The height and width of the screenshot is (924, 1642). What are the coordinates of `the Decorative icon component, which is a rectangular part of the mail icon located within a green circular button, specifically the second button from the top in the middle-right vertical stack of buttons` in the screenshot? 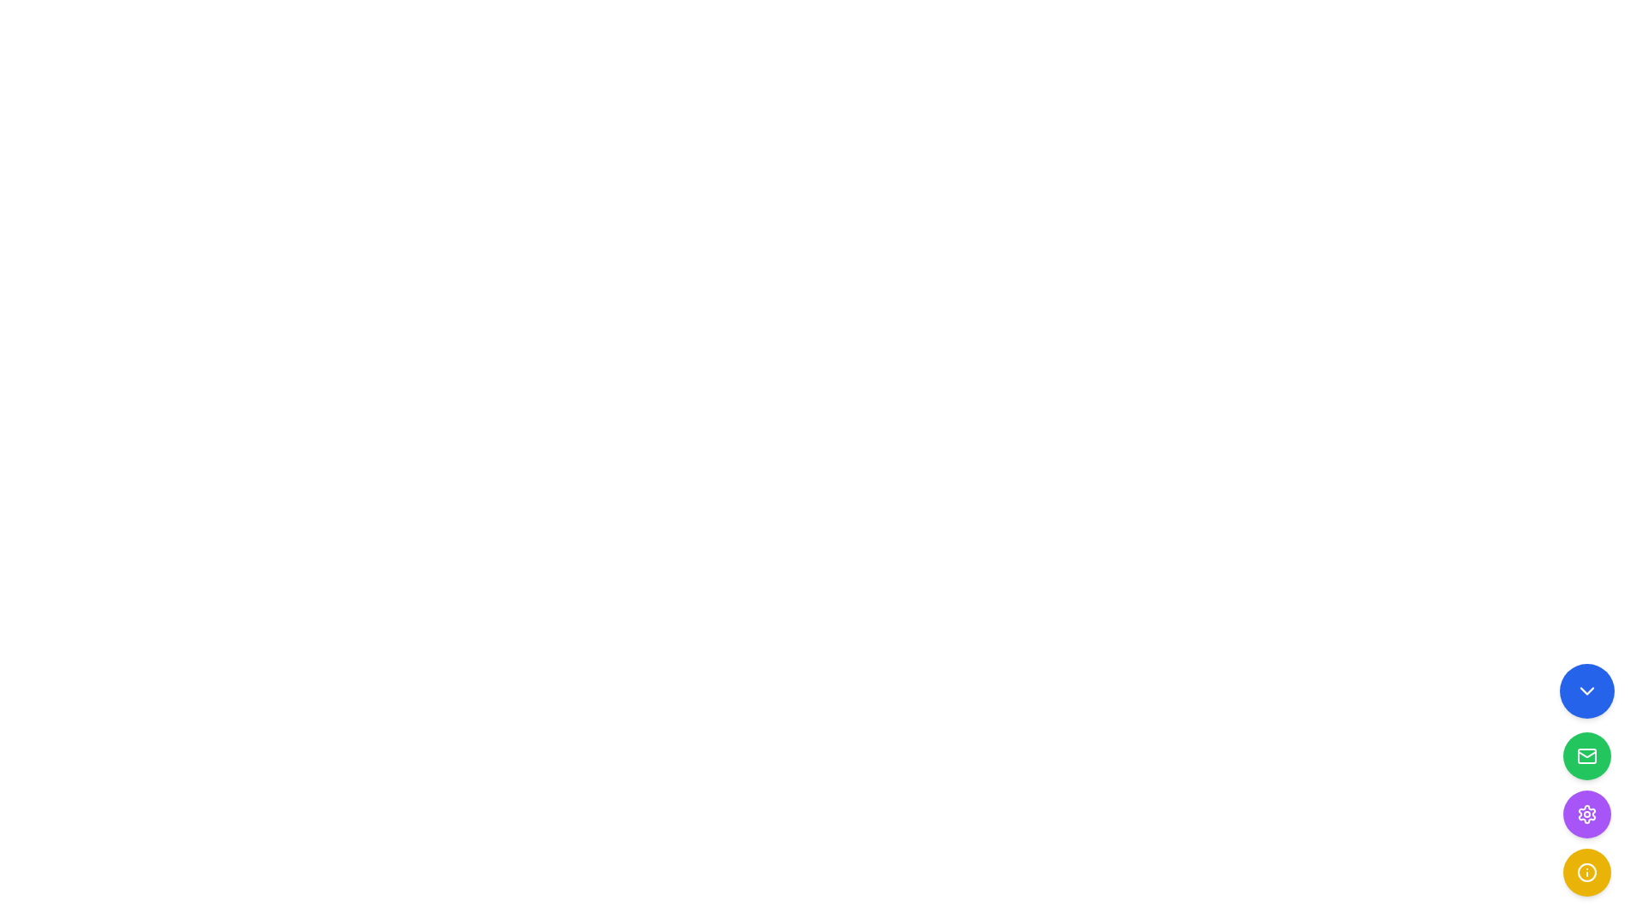 It's located at (1586, 755).